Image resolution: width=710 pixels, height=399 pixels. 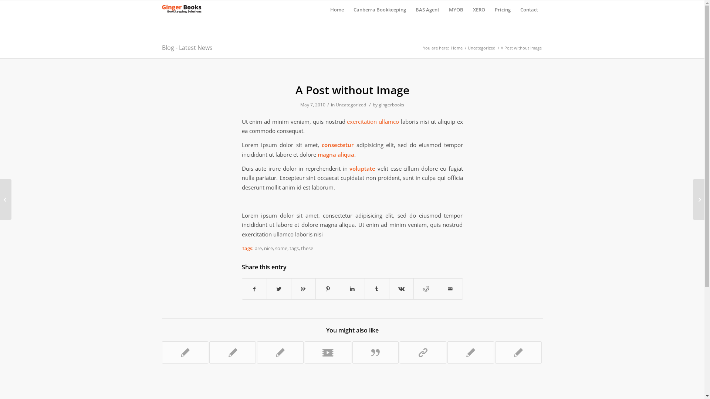 I want to click on 'BAS Agent', so click(x=410, y=10).